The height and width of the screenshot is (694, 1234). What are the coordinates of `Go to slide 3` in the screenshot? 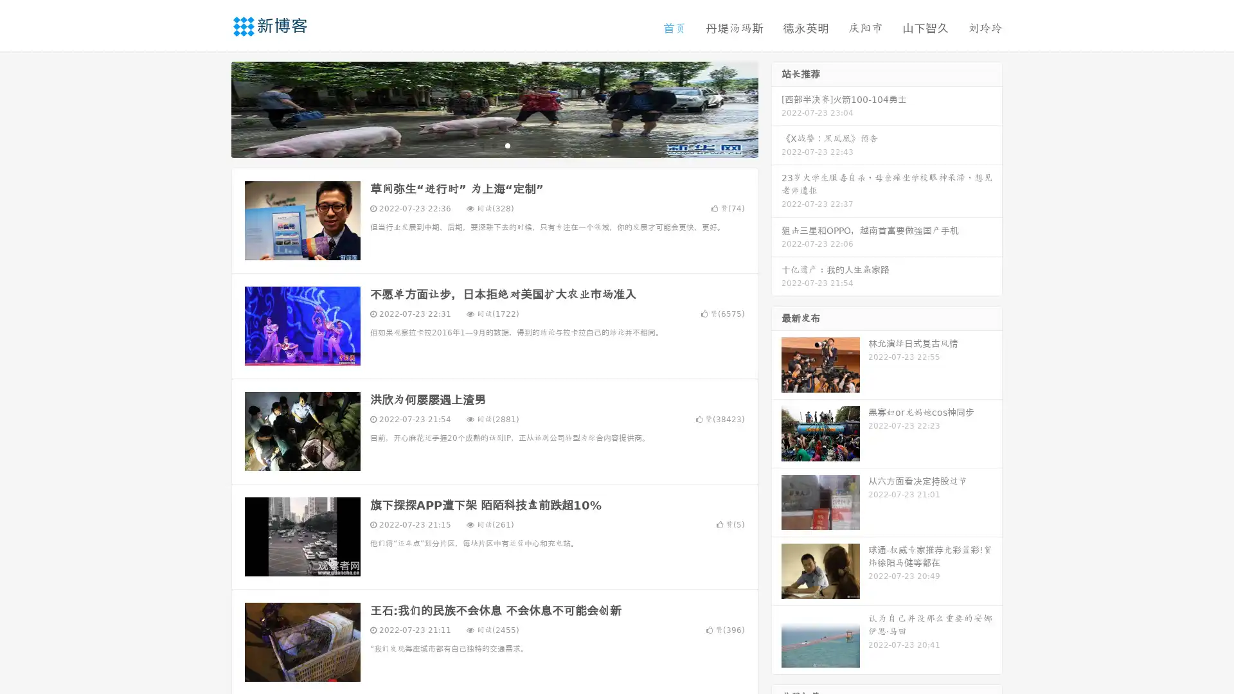 It's located at (507, 145).